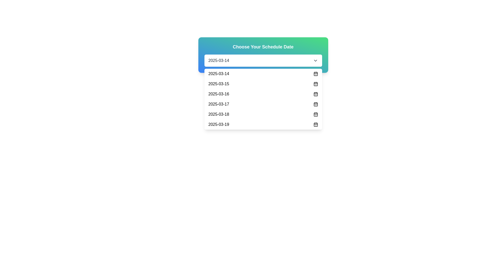 Image resolution: width=487 pixels, height=274 pixels. What do you see at coordinates (315, 94) in the screenshot?
I see `the highlighted calendar icon associated with the date '2025-03-16' in the dropdown list` at bounding box center [315, 94].